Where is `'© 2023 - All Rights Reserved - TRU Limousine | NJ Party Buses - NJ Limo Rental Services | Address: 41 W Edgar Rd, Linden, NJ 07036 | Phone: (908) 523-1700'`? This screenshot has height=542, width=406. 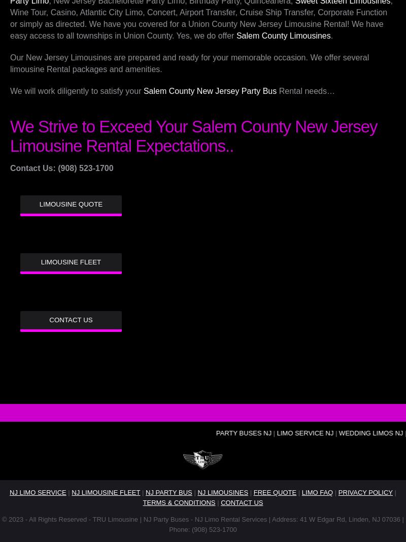
'© 2023 - All Rights Reserved - TRU Limousine | NJ Party Buses - NJ Limo Rental Services | Address: 41 W Edgar Rd, Linden, NJ 07036 | Phone: (908) 523-1700' is located at coordinates (202, 524).